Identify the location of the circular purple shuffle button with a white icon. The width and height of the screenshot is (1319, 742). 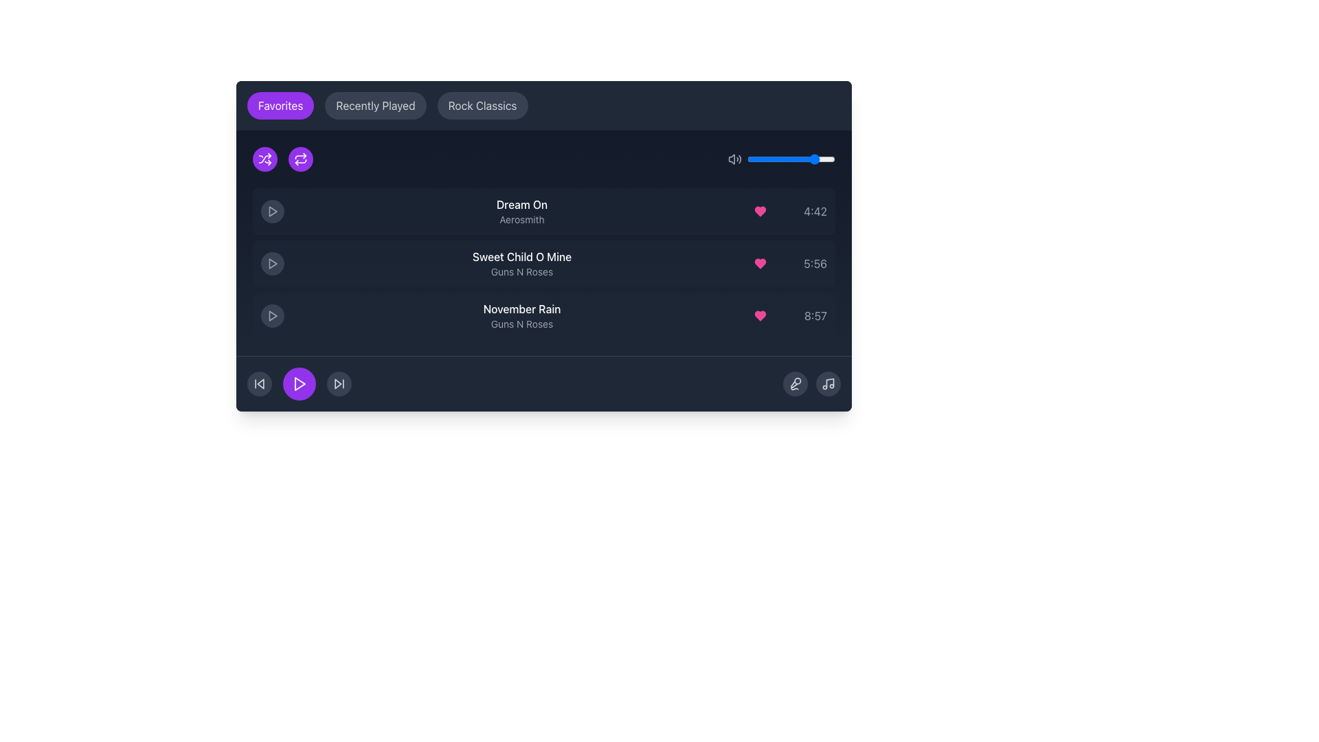
(264, 158).